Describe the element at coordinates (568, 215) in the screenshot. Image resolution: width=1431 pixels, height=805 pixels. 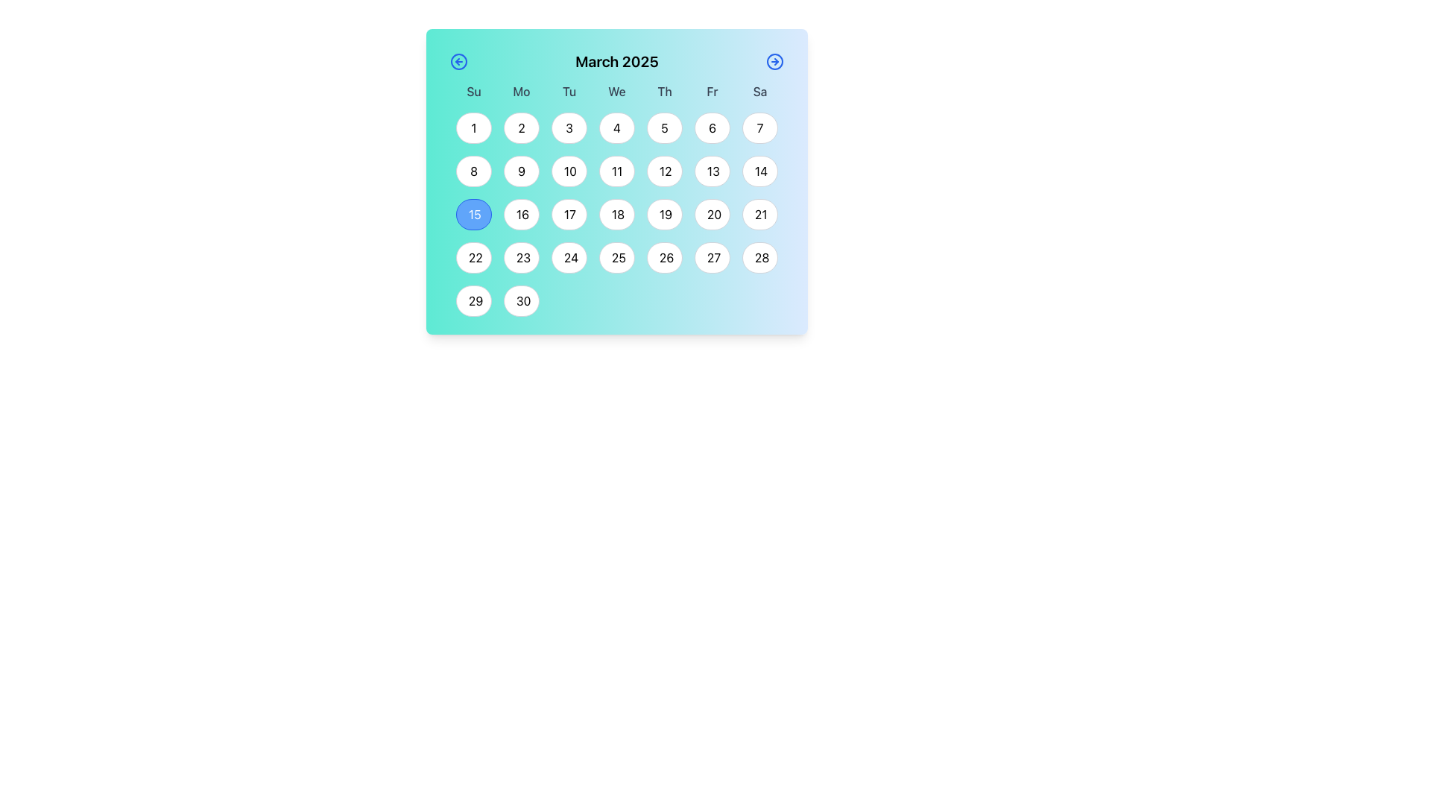
I see `the button representing the selectable date of the 17th in the calendar grid located in the third row and third column under the 'Friday' header` at that location.